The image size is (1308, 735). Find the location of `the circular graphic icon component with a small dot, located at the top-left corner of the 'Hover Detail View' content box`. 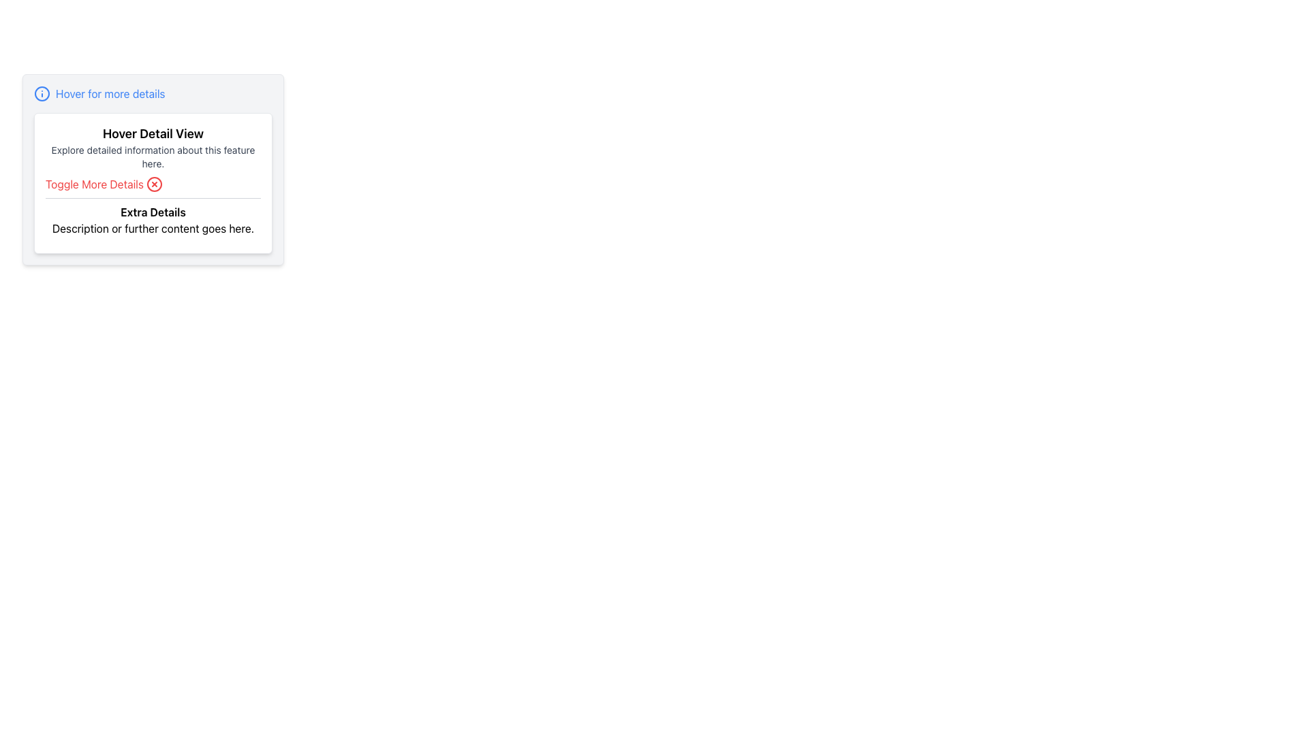

the circular graphic icon component with a small dot, located at the top-left corner of the 'Hover Detail View' content box is located at coordinates (42, 93).